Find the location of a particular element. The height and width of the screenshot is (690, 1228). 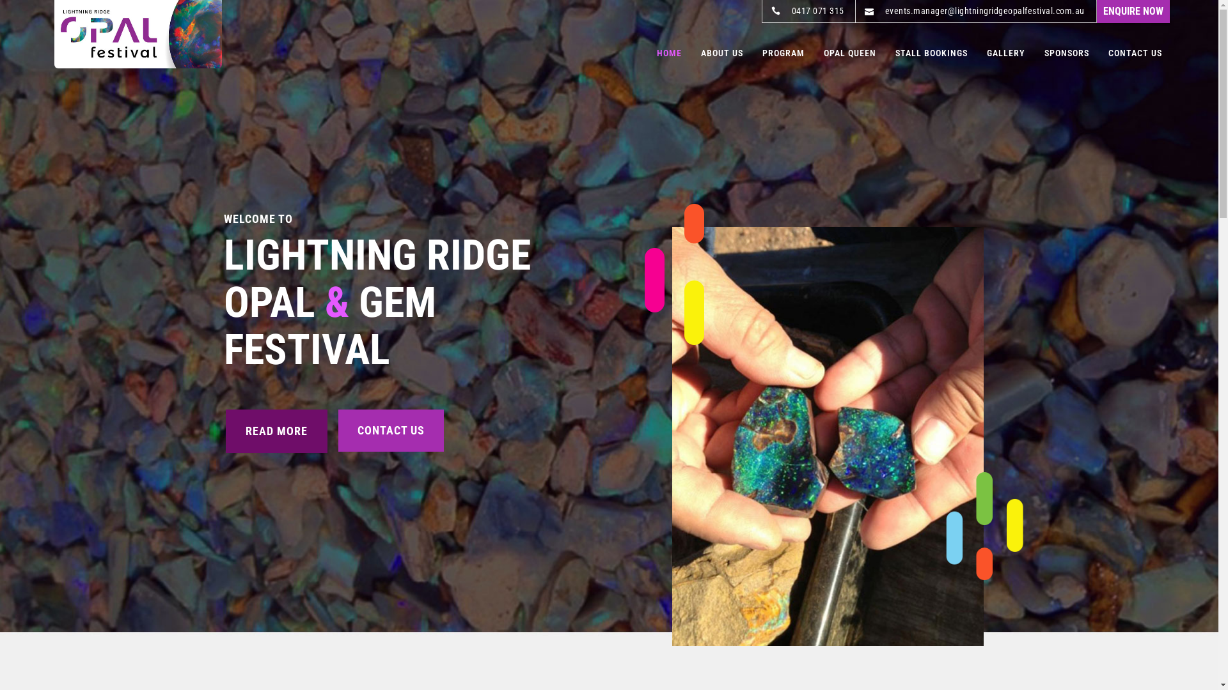

'ABOUT US' is located at coordinates (721, 52).